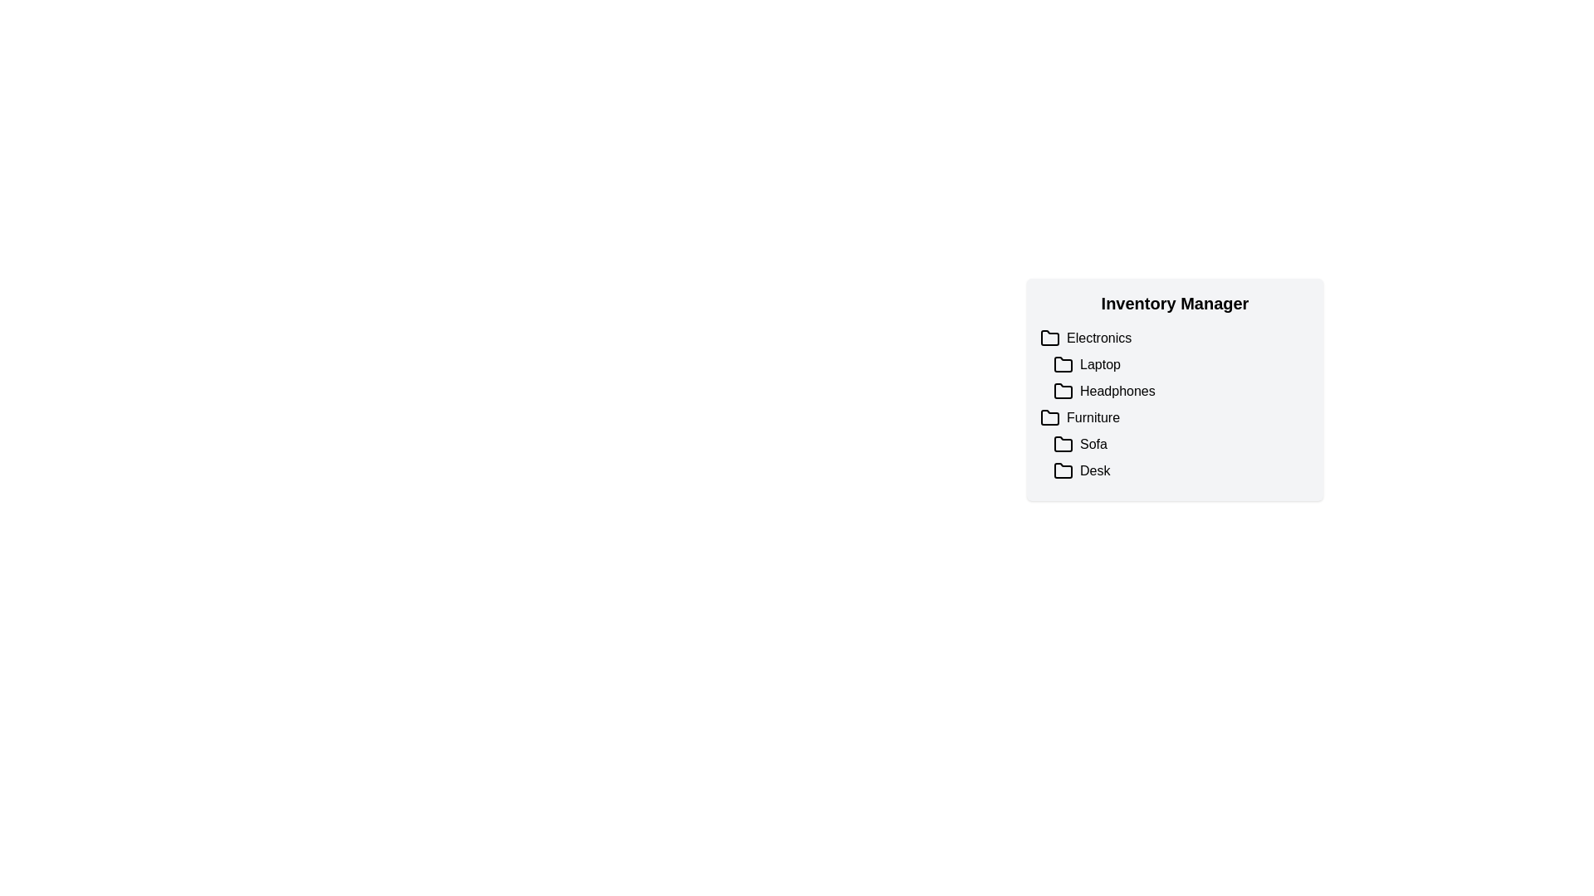 Image resolution: width=1594 pixels, height=896 pixels. I want to click on the folder icon located to the left of the 'Headphones' text in the 'Inventory Manager' section, so click(1063, 391).